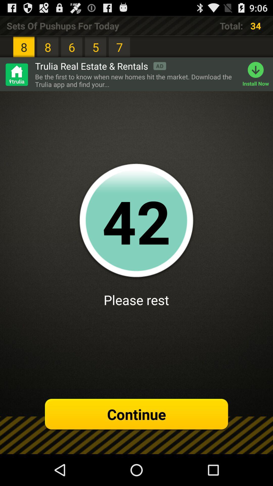 The image size is (273, 486). Describe the element at coordinates (16, 74) in the screenshot. I see `home page` at that location.